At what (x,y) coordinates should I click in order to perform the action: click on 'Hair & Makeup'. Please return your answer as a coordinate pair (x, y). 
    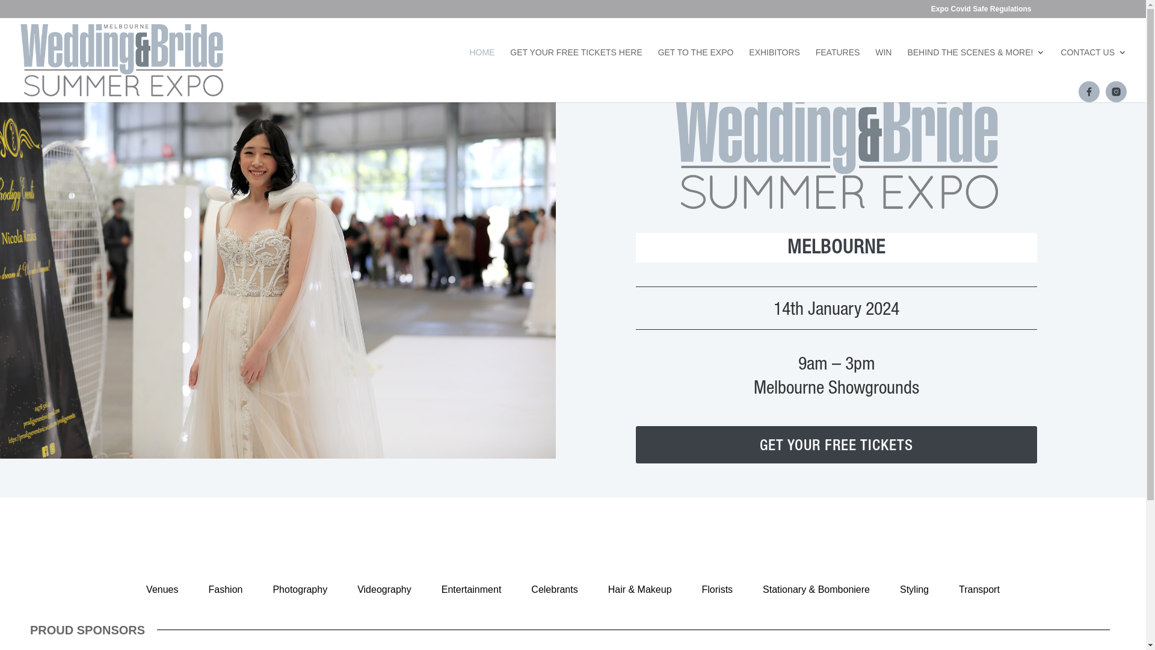
    Looking at the image, I should click on (639, 589).